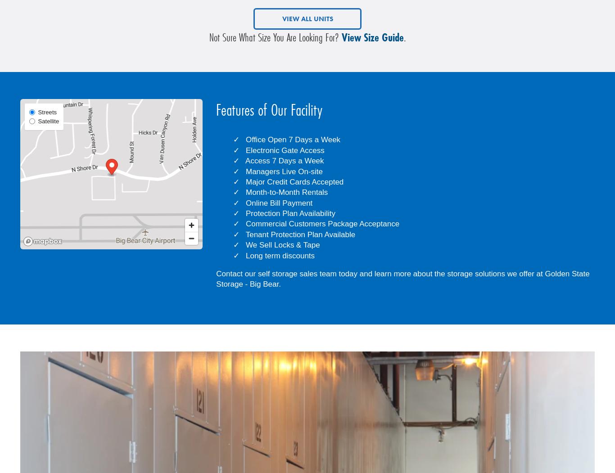 This screenshot has height=473, width=615. I want to click on 'Electronic Gate Access', so click(245, 150).